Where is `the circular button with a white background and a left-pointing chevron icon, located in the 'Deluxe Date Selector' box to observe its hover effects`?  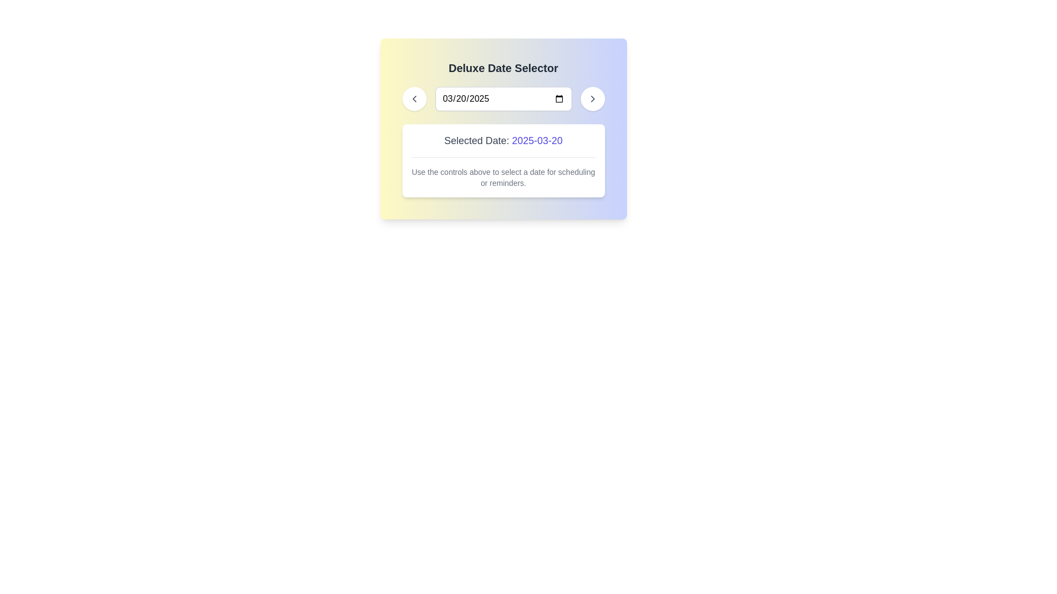
the circular button with a white background and a left-pointing chevron icon, located in the 'Deluxe Date Selector' box to observe its hover effects is located at coordinates (413, 99).